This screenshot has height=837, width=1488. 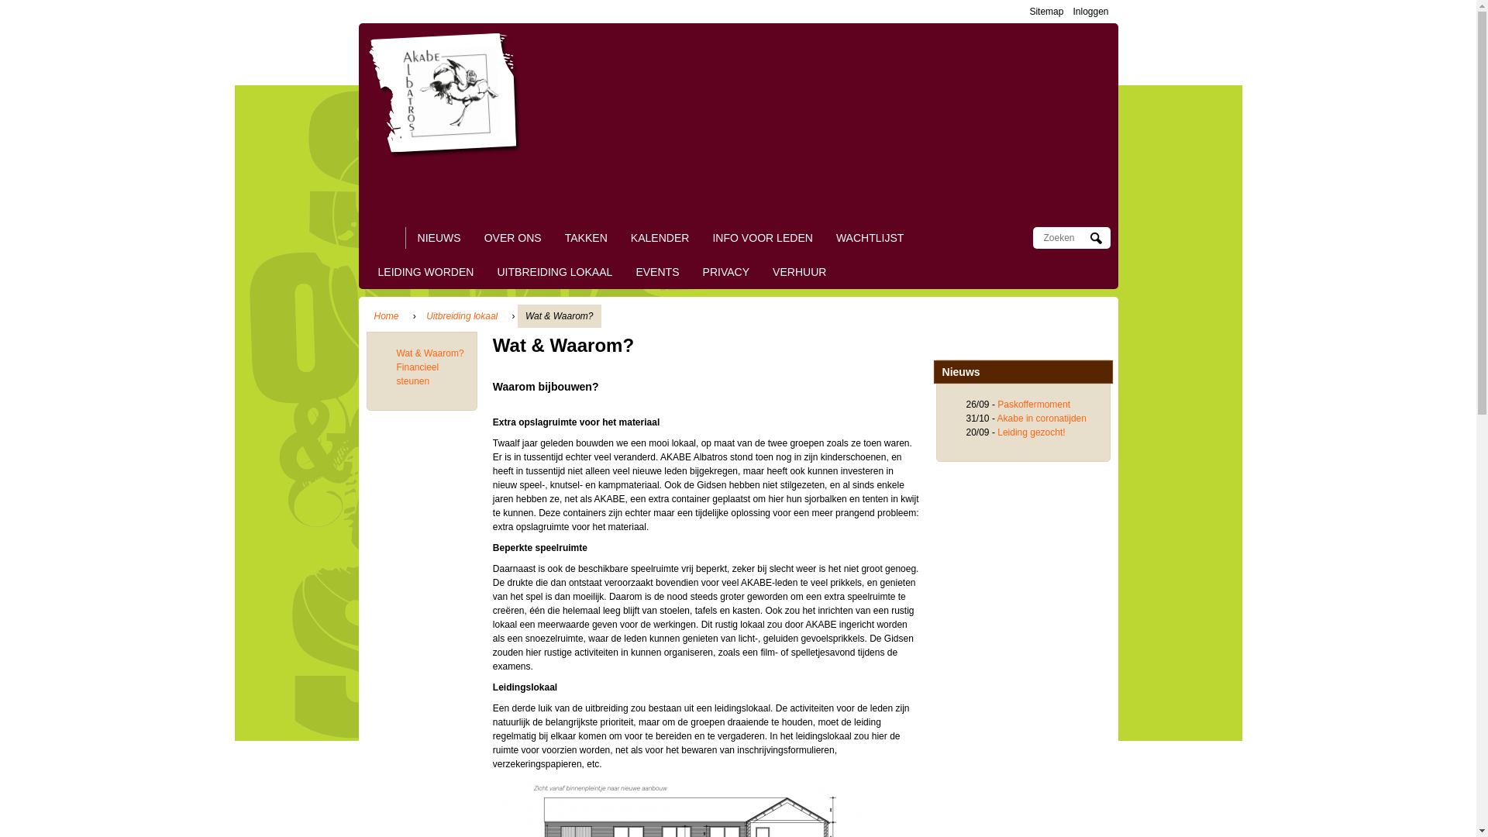 What do you see at coordinates (657, 271) in the screenshot?
I see `'EVENTS'` at bounding box center [657, 271].